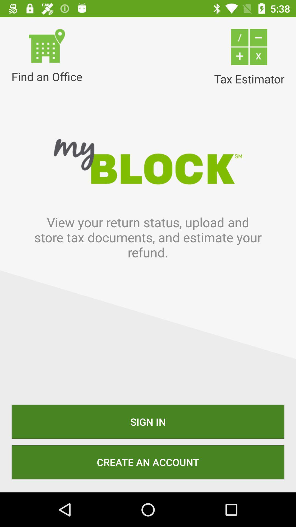 This screenshot has width=296, height=527. I want to click on the item below the view your return, so click(148, 421).